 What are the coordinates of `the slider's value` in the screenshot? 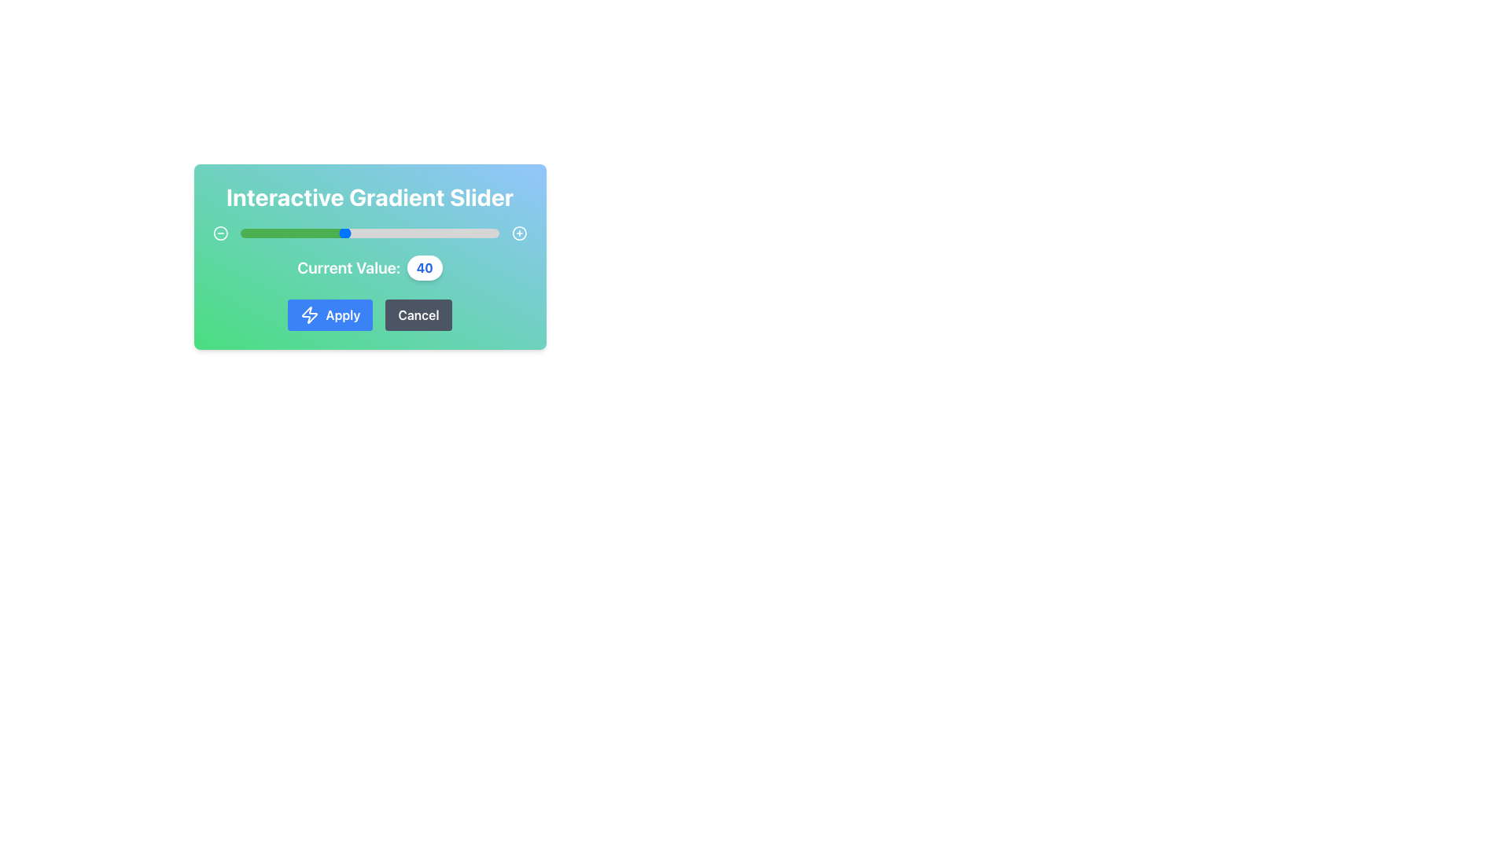 It's located at (403, 233).